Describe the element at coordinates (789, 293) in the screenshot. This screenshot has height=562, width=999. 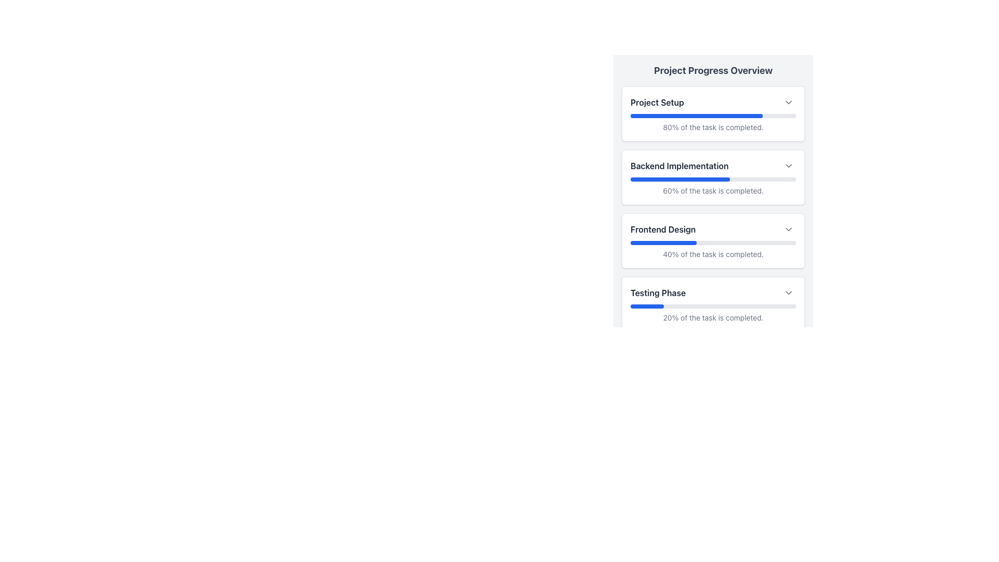
I see `the downward-pointing chevron icon button located next to the 'Testing Phase' section title` at that location.